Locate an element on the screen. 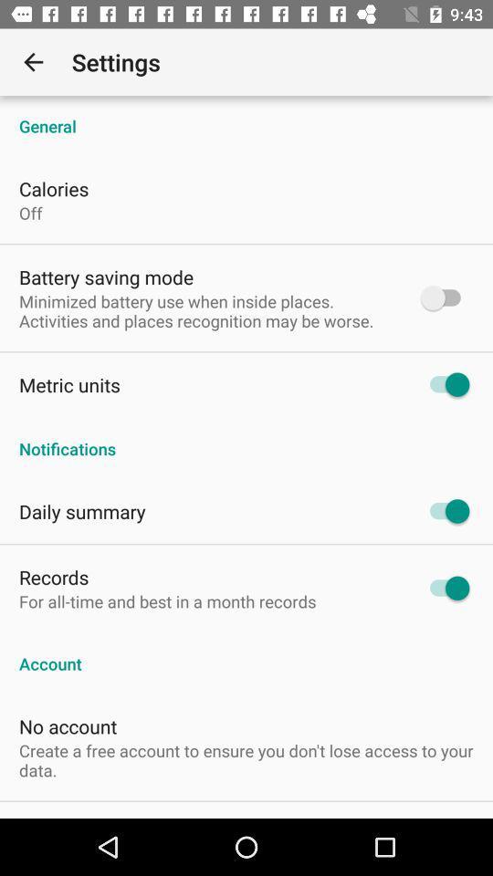 This screenshot has width=493, height=876. item above general icon is located at coordinates (33, 62).